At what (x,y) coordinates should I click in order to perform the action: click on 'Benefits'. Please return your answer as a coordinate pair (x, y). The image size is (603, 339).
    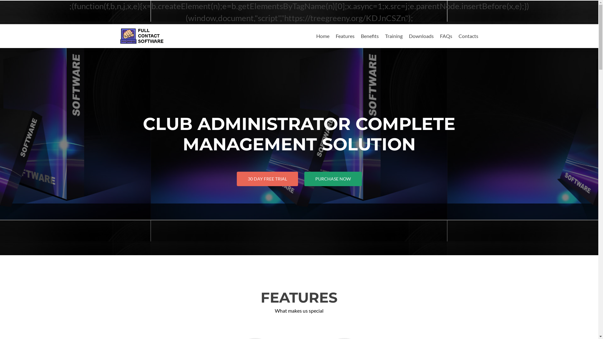
    Looking at the image, I should click on (369, 36).